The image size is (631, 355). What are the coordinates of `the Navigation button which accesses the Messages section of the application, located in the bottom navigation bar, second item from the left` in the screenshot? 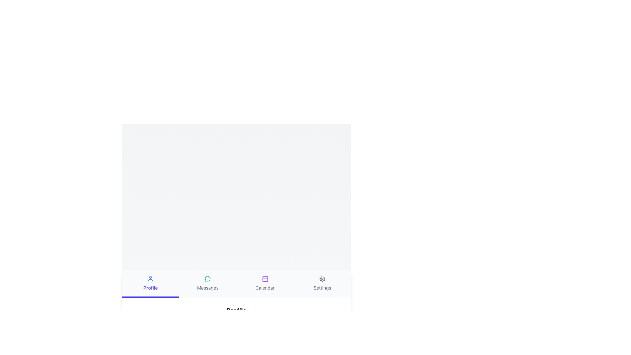 It's located at (207, 283).